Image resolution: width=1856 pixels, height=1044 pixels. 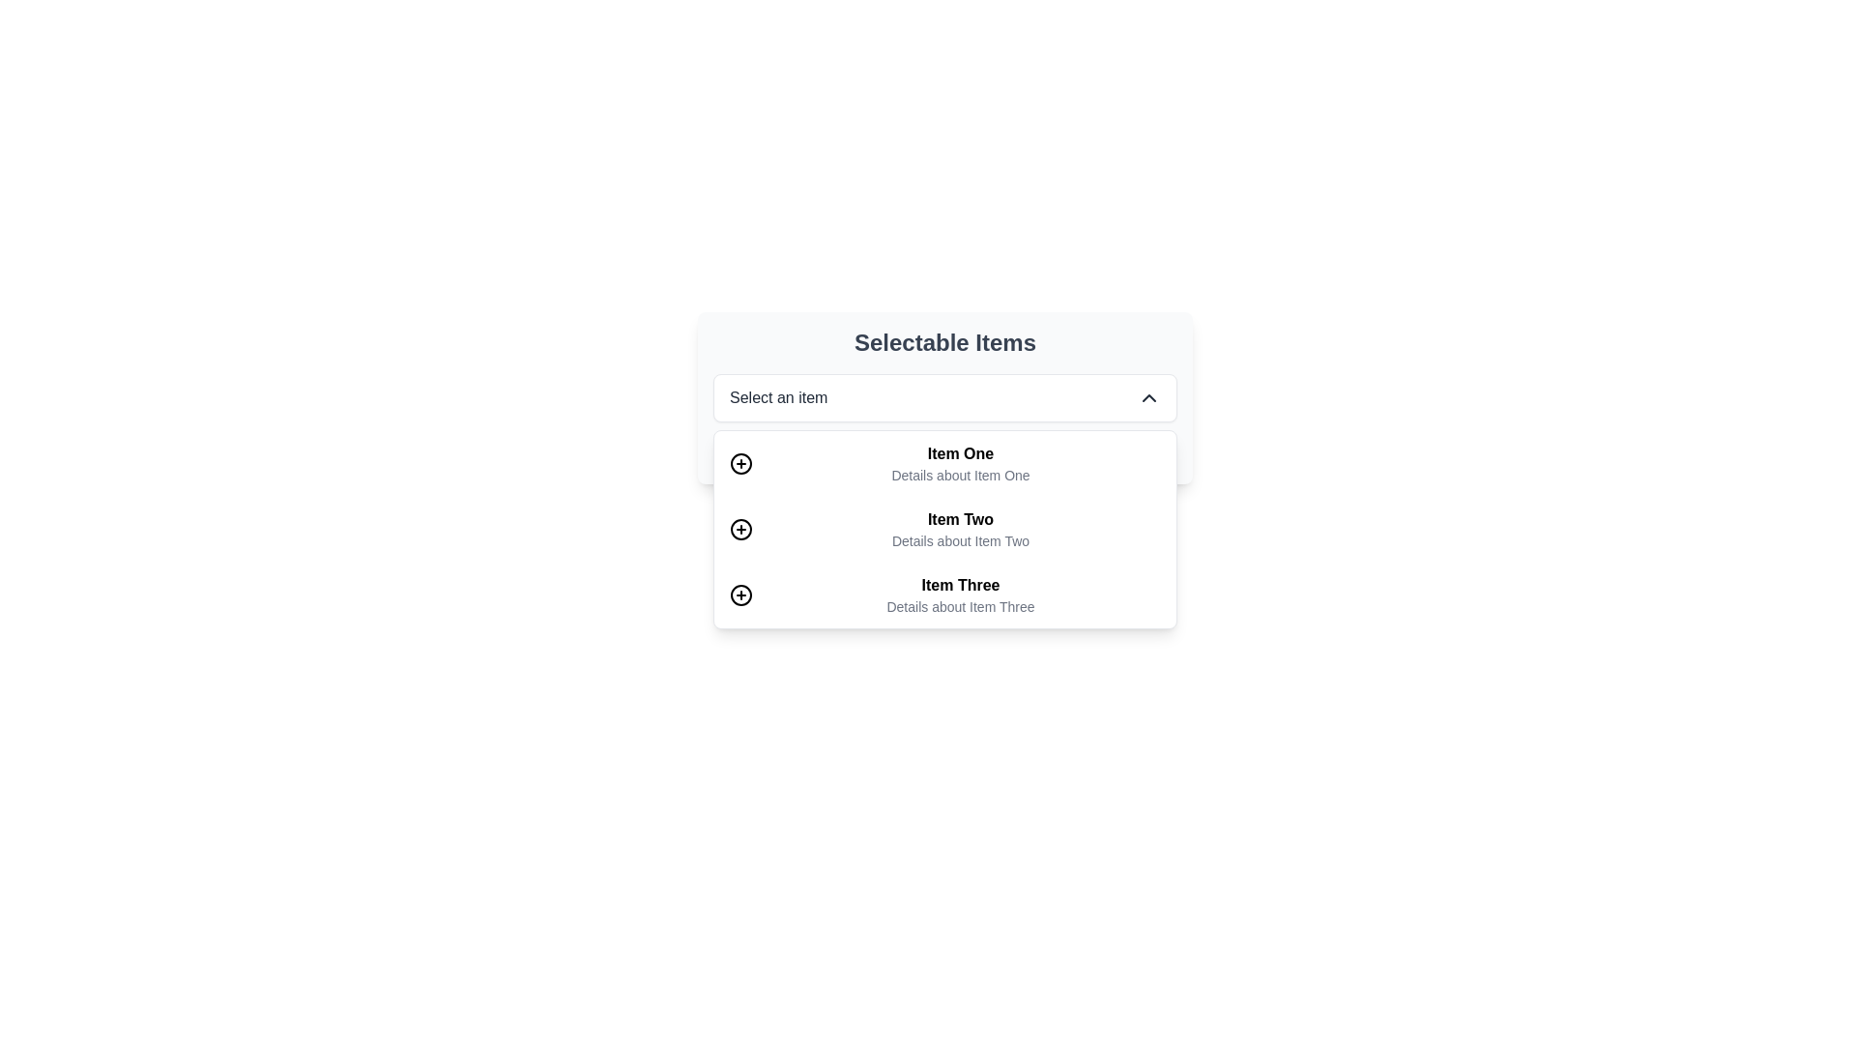 I want to click on the icon button depicting a circle with a plus symbol, located to the left of the text 'Item One' for a potential tooltip or highlight effect, so click(x=740, y=463).